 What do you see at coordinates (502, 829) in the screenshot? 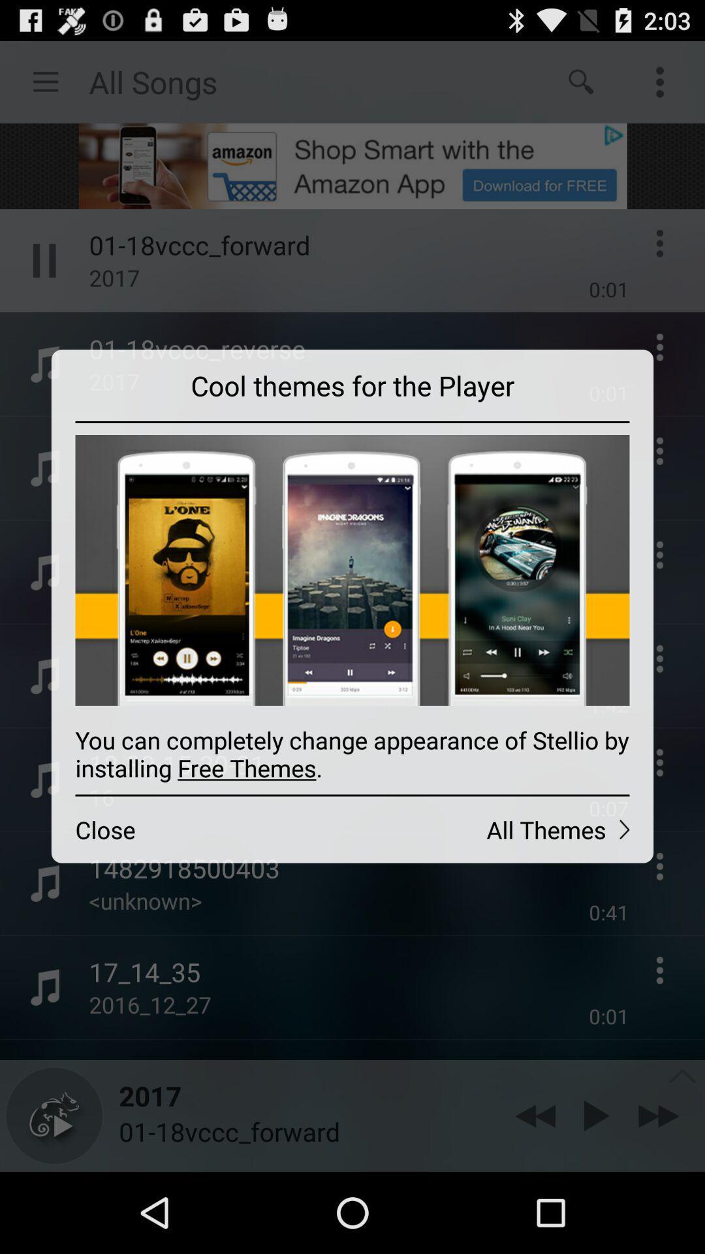
I see `the all themes on the right` at bounding box center [502, 829].